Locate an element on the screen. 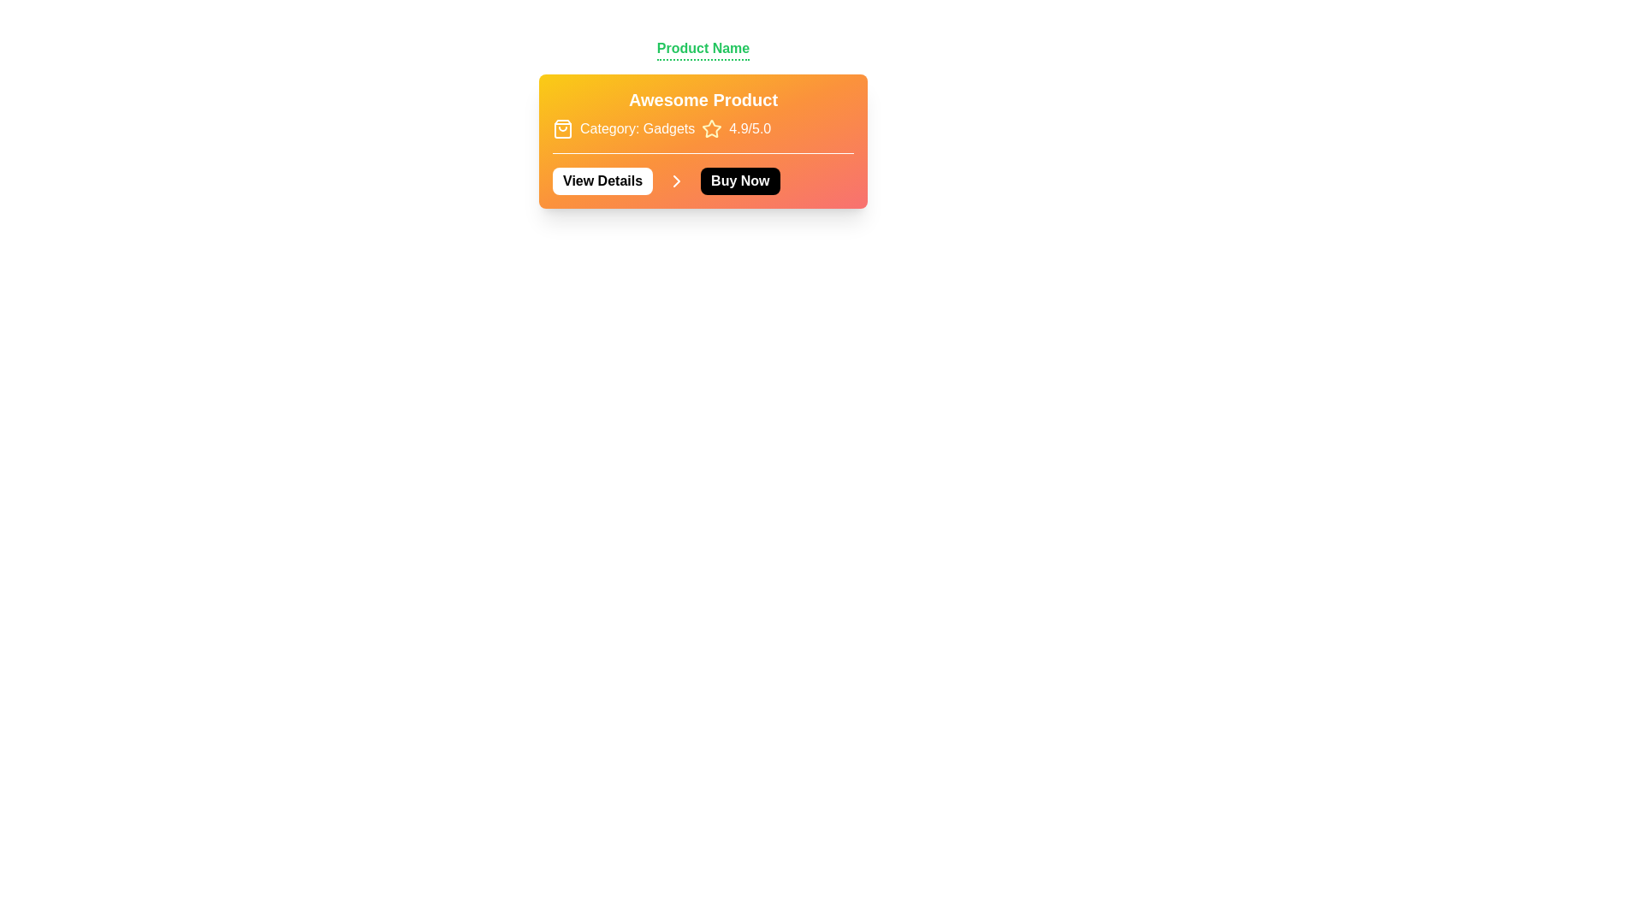 This screenshot has height=924, width=1643. the informational label group located directly below the 'Awesome Product' title in the gradient panel is located at coordinates (703, 127).